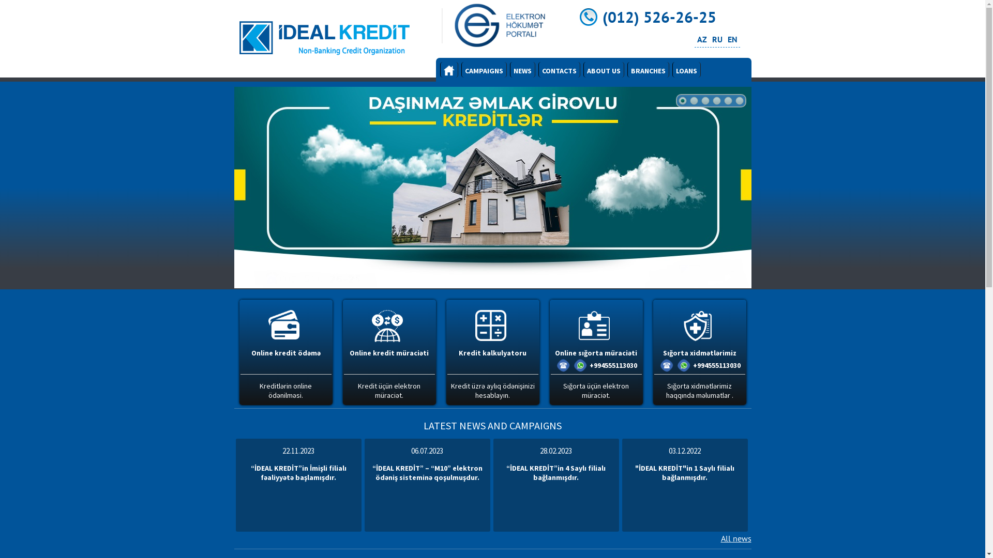  What do you see at coordinates (704, 101) in the screenshot?
I see `'3'` at bounding box center [704, 101].